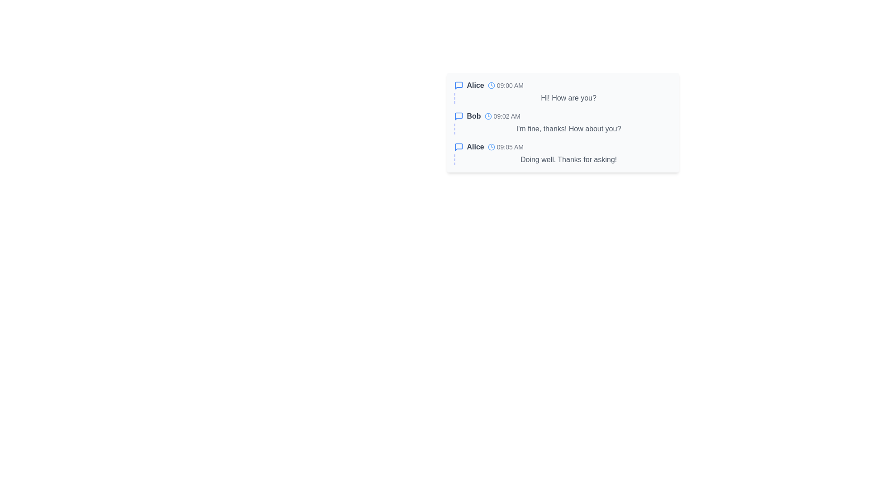  What do you see at coordinates (505, 86) in the screenshot?
I see `the time display label '09:00 AM' with a blue clock icon, located to the right of the label 'Alice' in the first message row of the chat interface` at bounding box center [505, 86].